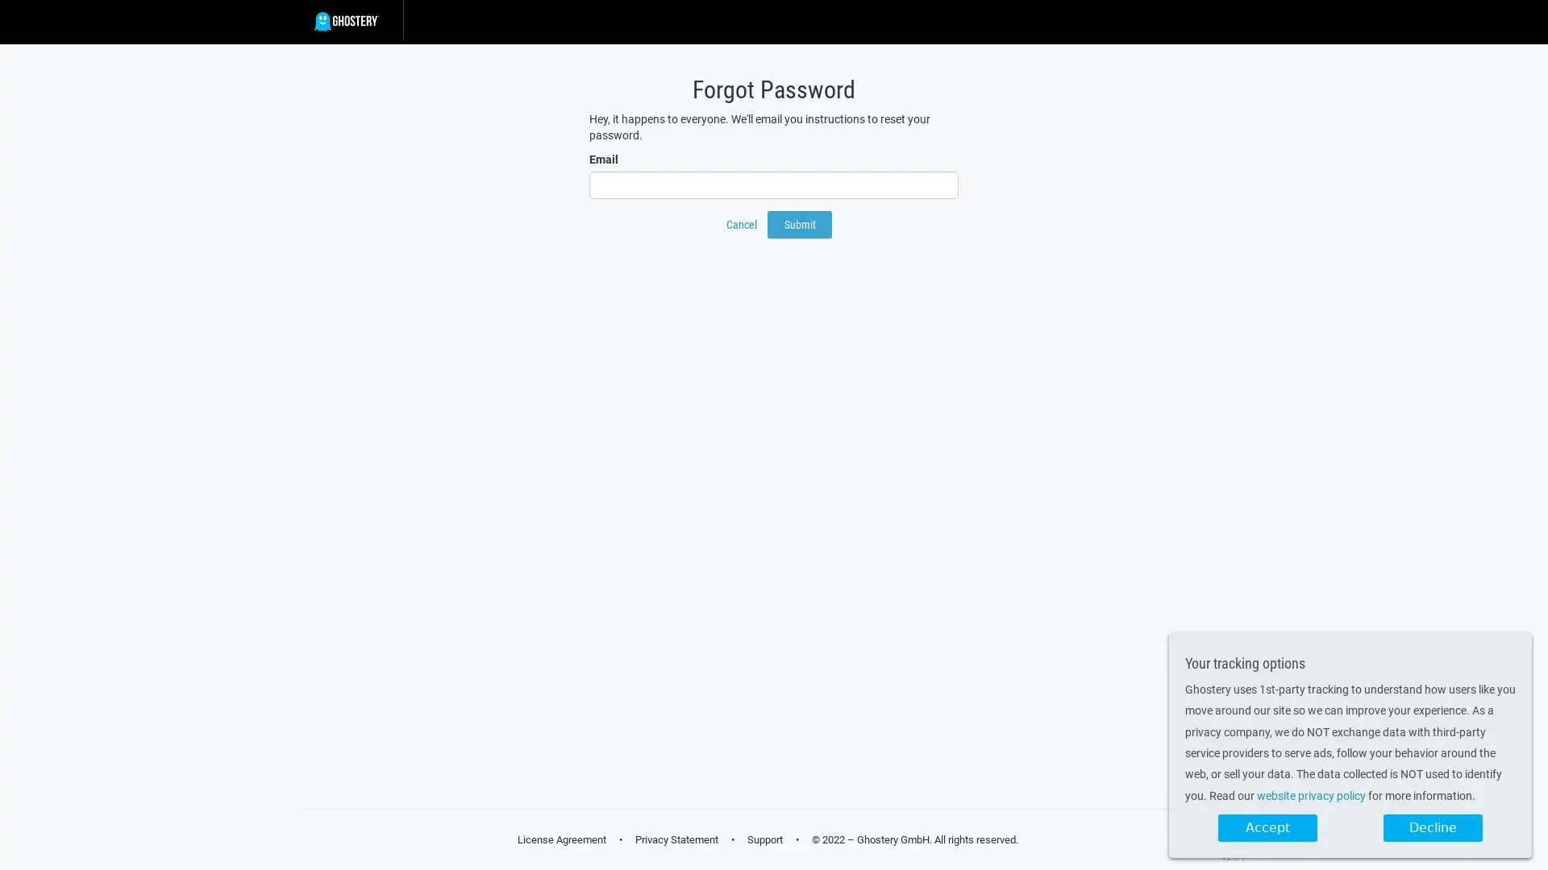 This screenshot has width=1548, height=870. I want to click on Decline, so click(1433, 828).